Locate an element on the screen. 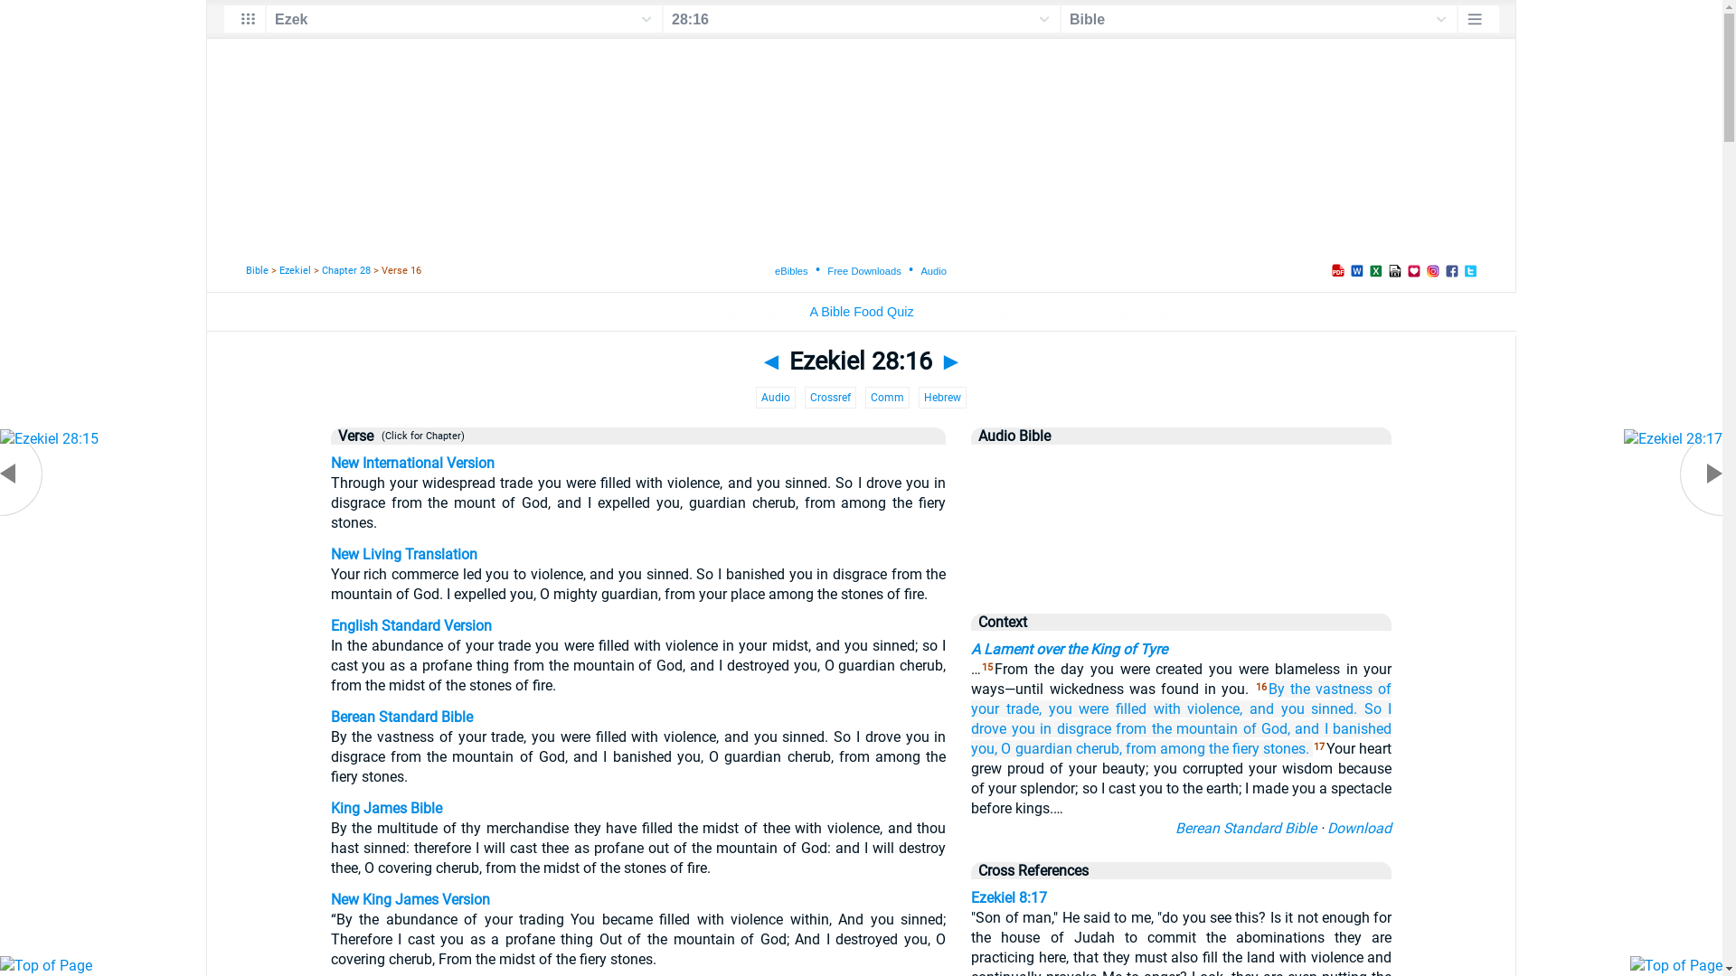  'Ezekiel' is located at coordinates (295, 270).